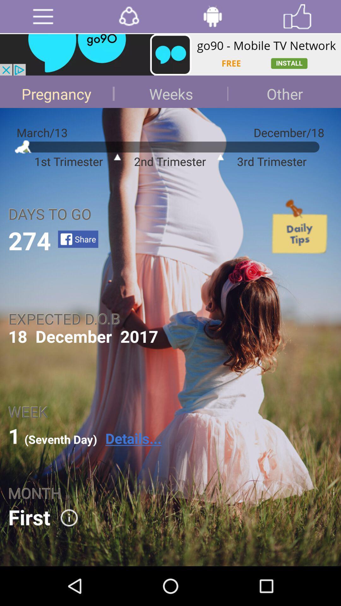 The height and width of the screenshot is (606, 341). I want to click on the option which is after menu option, so click(129, 16).